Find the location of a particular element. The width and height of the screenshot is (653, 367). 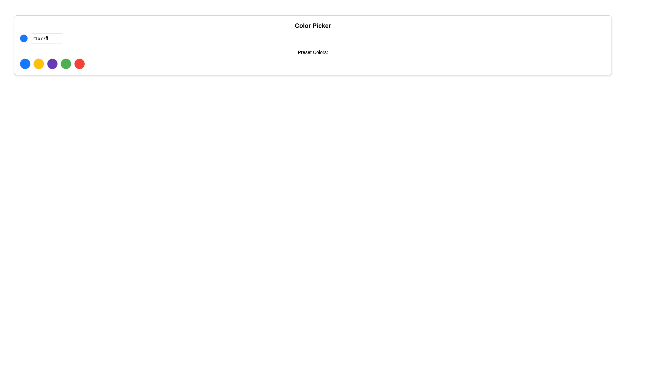

the circular red button located at the far-right of the row of color buttons is located at coordinates (80, 64).